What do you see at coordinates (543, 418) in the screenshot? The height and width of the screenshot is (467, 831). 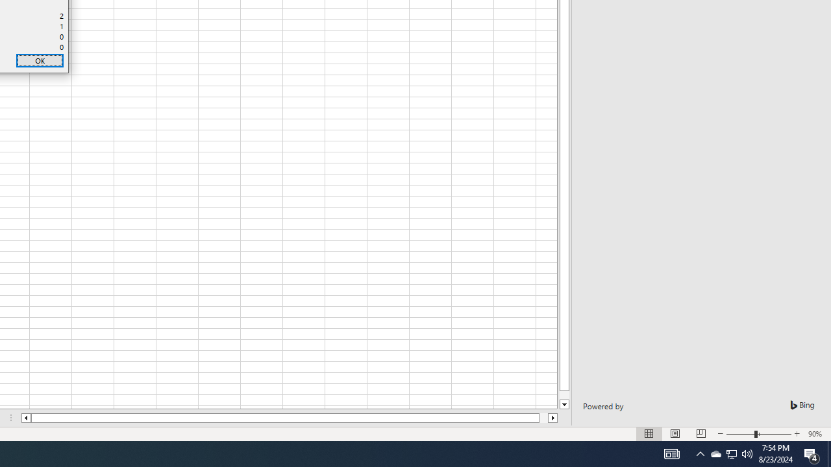 I see `'Page right'` at bounding box center [543, 418].